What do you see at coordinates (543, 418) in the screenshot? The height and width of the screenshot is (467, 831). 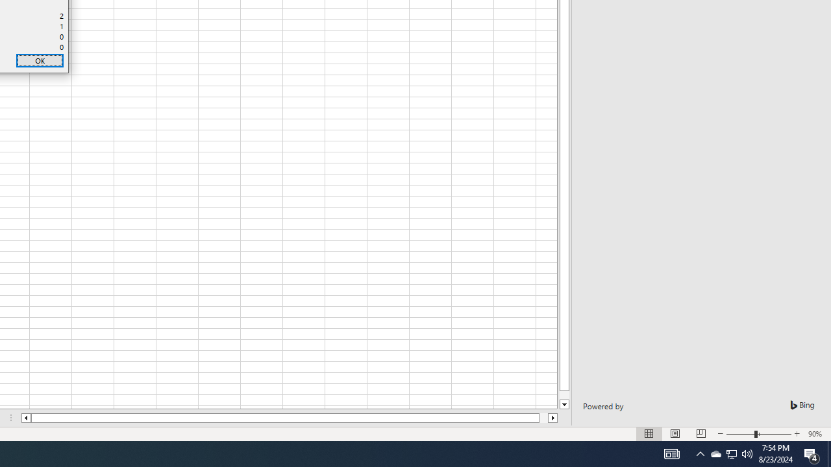 I see `'Page right'` at bounding box center [543, 418].